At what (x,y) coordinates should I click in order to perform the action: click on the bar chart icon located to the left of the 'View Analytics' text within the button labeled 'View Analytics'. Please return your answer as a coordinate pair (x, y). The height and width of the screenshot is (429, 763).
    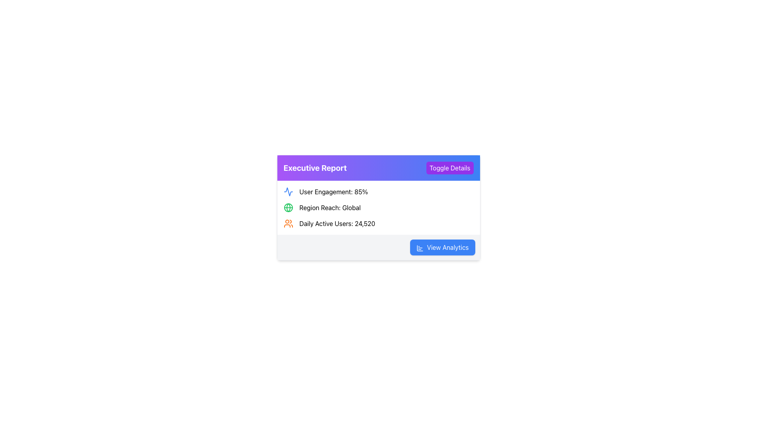
    Looking at the image, I should click on (420, 247).